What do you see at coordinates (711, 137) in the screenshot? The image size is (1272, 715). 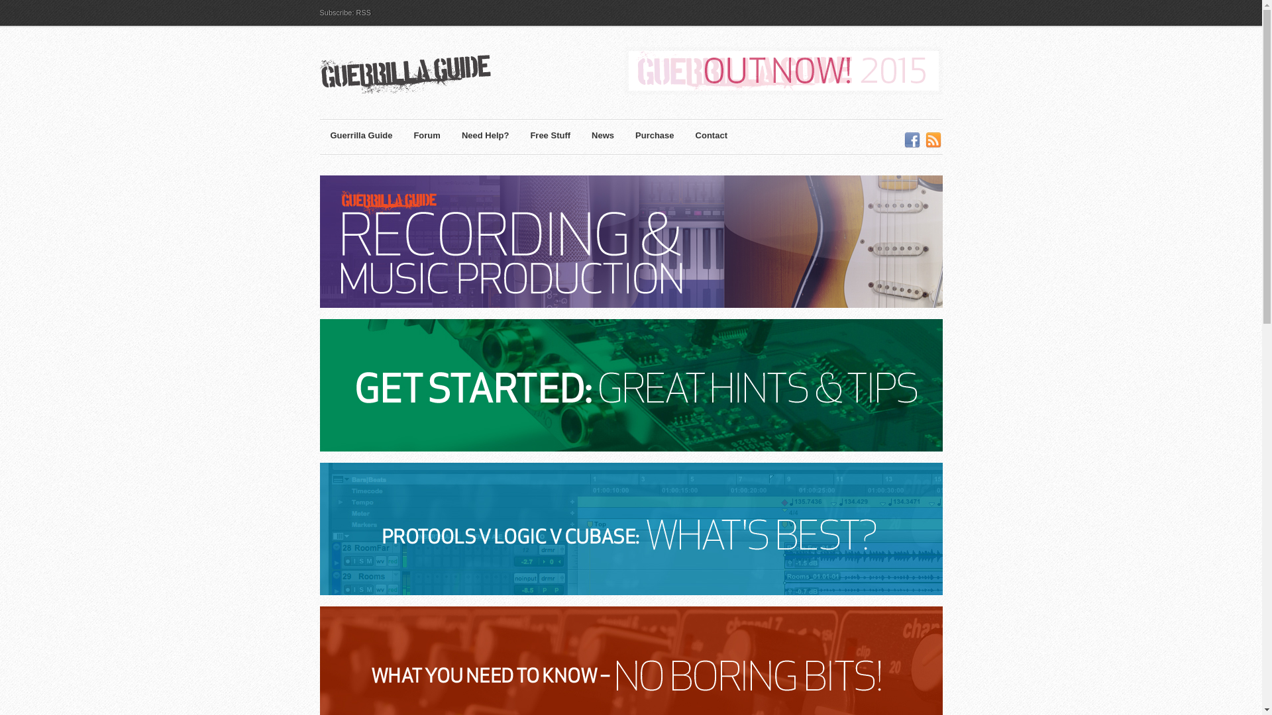 I see `'Contact'` at bounding box center [711, 137].